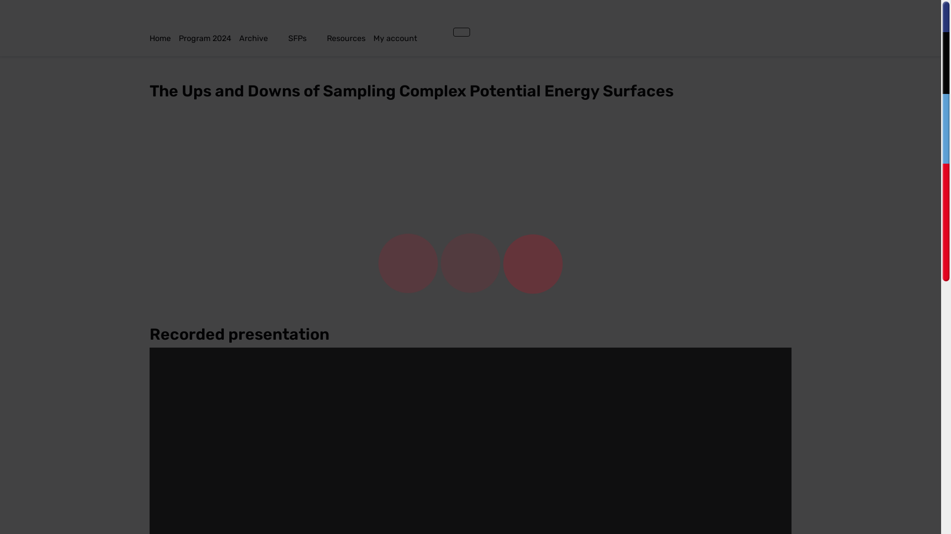  What do you see at coordinates (461, 32) in the screenshot?
I see `'Login'` at bounding box center [461, 32].